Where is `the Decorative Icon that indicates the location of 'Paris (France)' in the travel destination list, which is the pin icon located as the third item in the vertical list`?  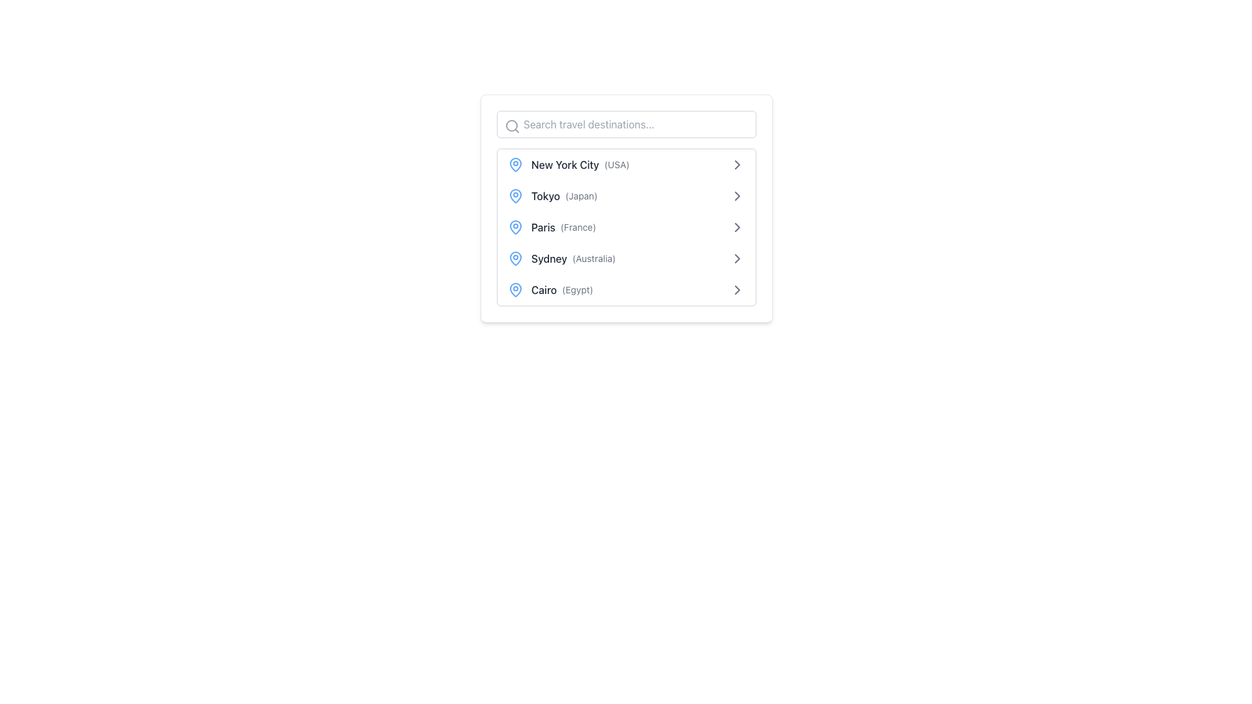
the Decorative Icon that indicates the location of 'Paris (France)' in the travel destination list, which is the pin icon located as the third item in the vertical list is located at coordinates (515, 226).